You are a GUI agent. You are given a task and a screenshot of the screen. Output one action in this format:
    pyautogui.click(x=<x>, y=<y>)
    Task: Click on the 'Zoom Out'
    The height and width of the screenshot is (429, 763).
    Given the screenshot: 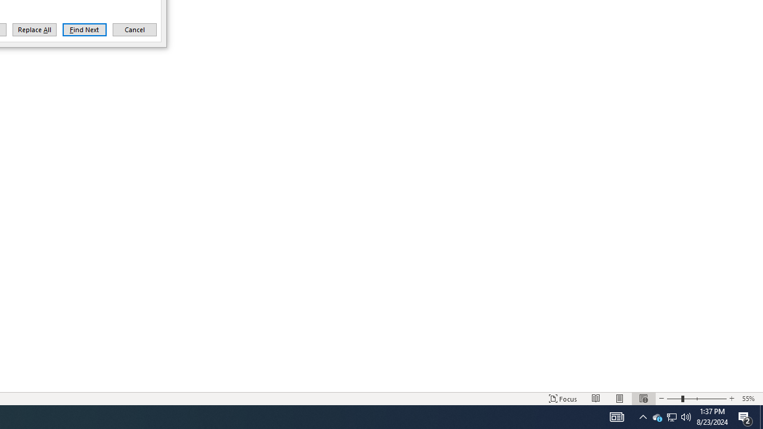 What is the action you would take?
    pyautogui.click(x=674, y=399)
    